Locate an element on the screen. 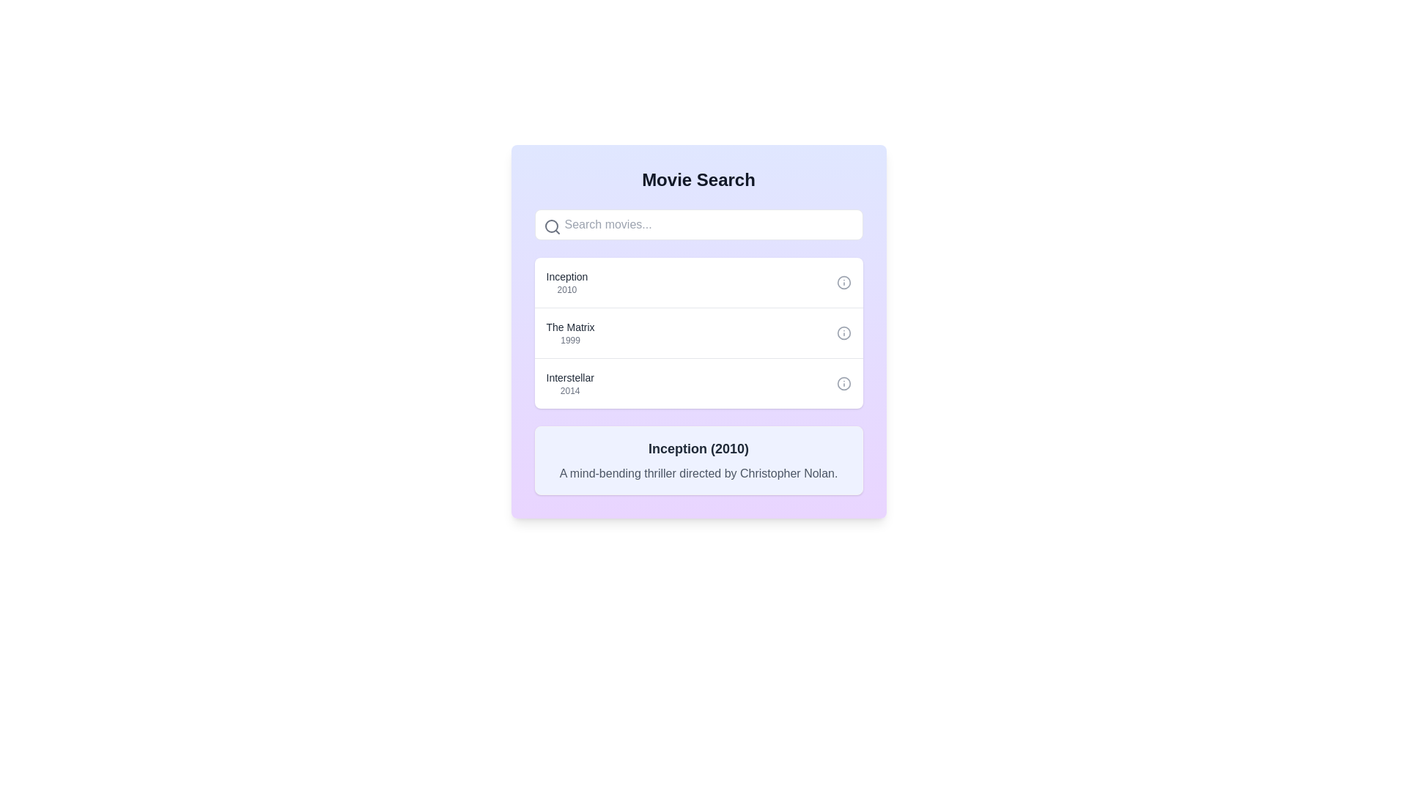 This screenshot has width=1407, height=791. the information icon button for the movie 'Inception 2010' is located at coordinates (843, 282).